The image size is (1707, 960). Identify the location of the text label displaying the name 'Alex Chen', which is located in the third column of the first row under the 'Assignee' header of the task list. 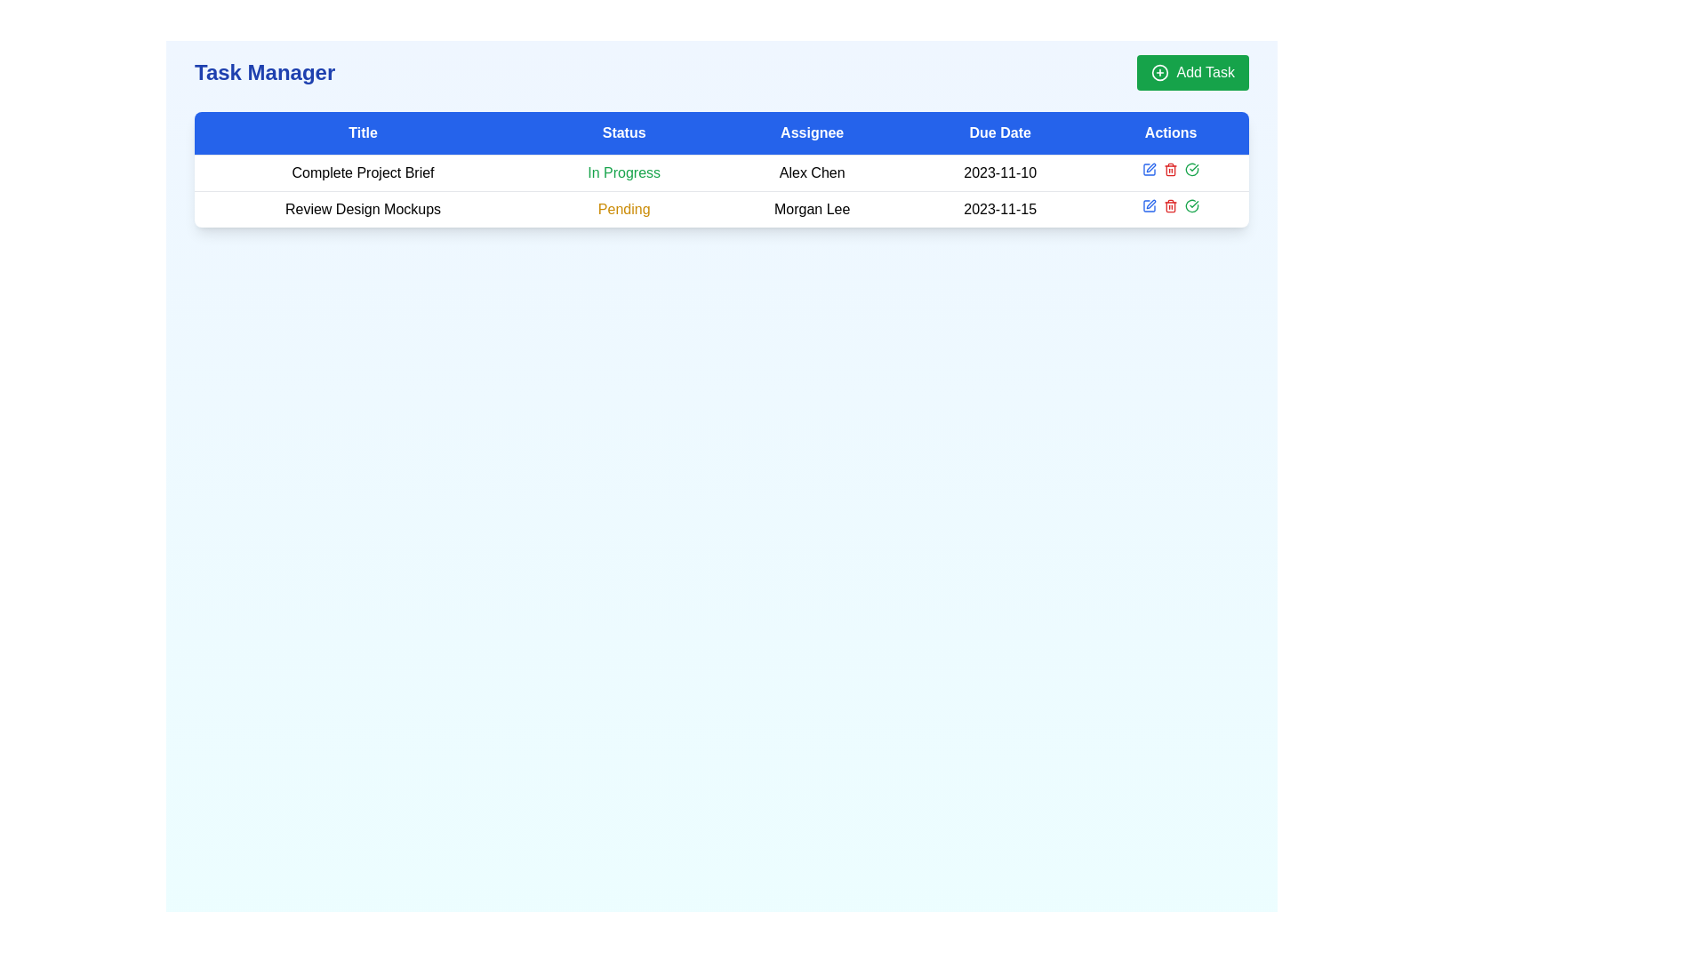
(811, 173).